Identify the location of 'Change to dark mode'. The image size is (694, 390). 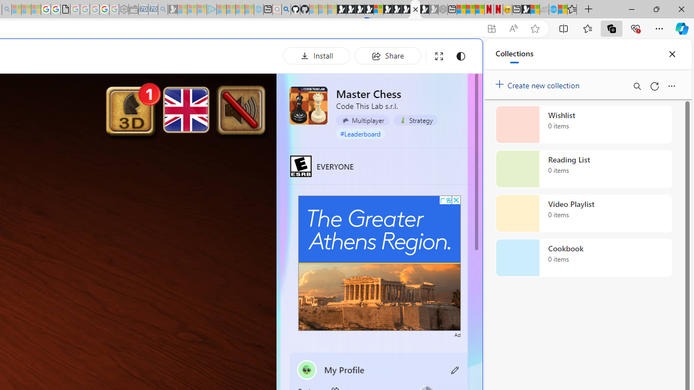
(460, 56).